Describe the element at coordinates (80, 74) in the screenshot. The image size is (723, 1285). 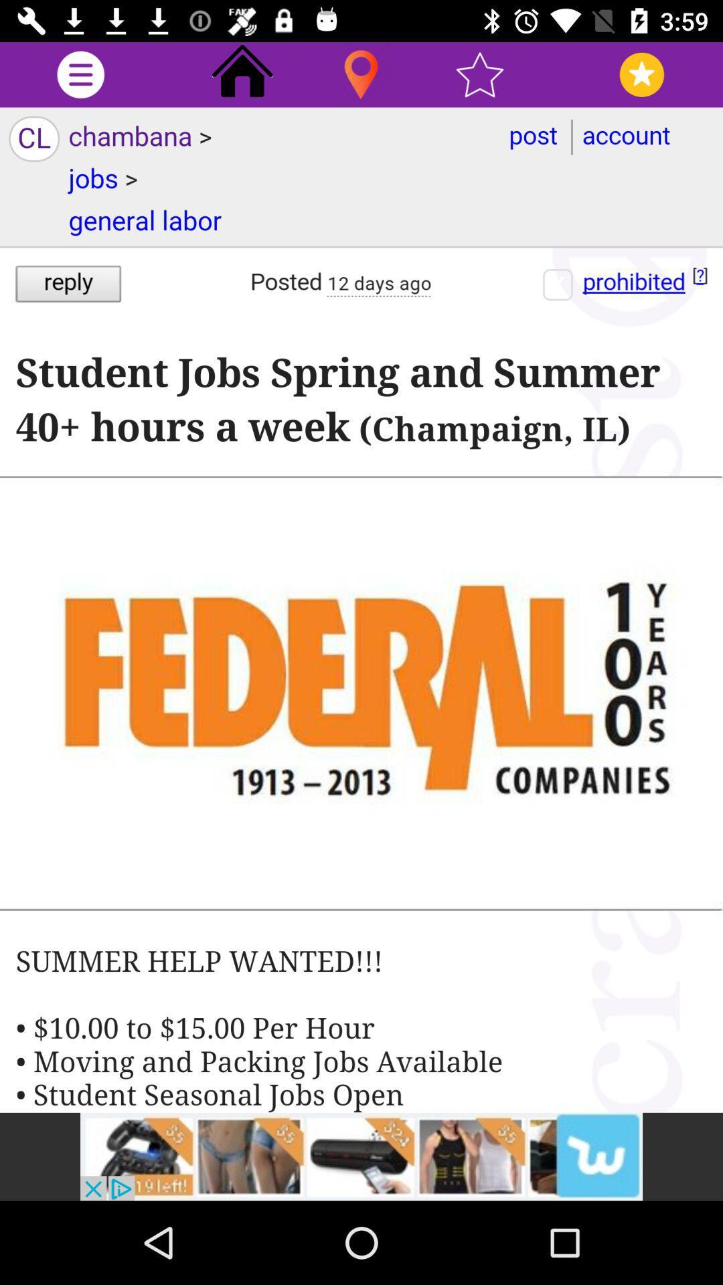
I see `more` at that location.